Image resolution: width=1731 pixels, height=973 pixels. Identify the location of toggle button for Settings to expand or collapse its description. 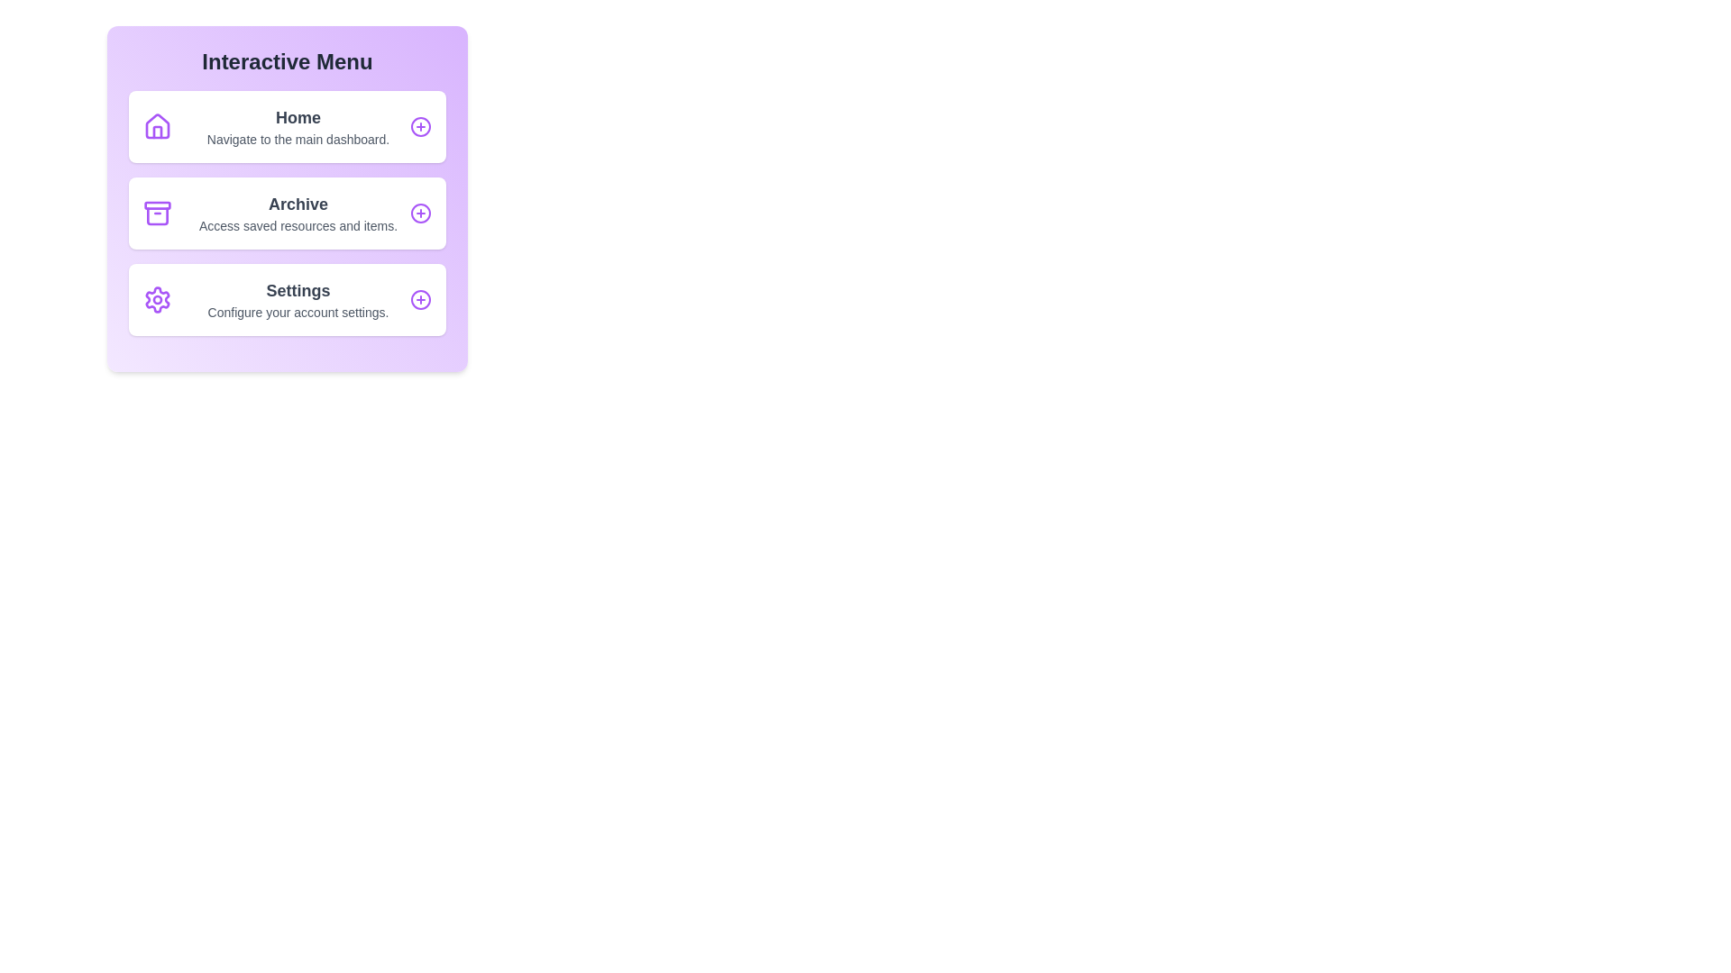
(419, 298).